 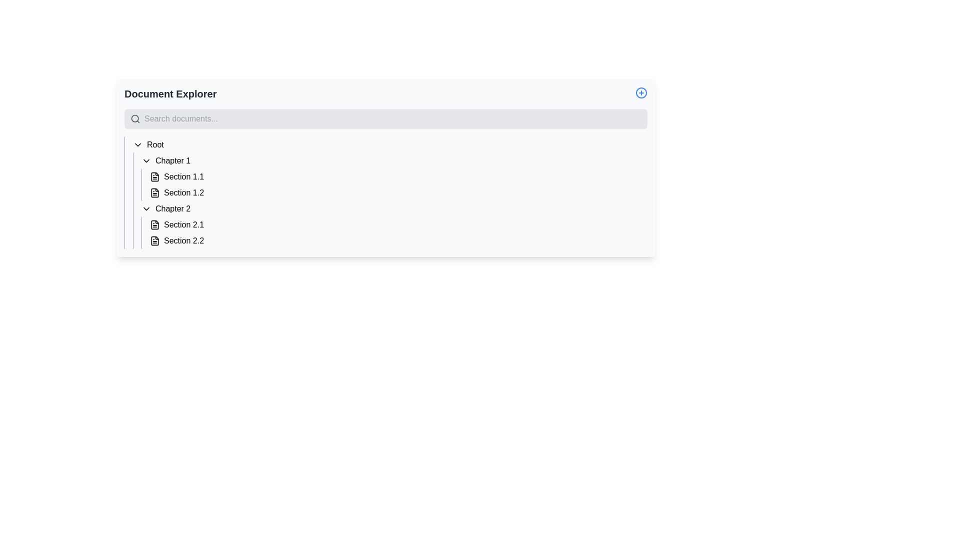 What do you see at coordinates (154, 241) in the screenshot?
I see `the document icon located in Section 2.2, which has a rectangular outline with a folded corner and three horizontal lines representing text` at bounding box center [154, 241].